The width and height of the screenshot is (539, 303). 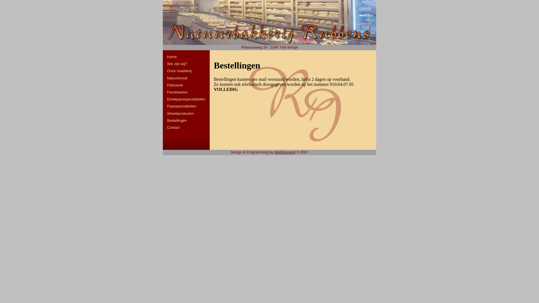 I want to click on 'Contact', so click(x=173, y=127).